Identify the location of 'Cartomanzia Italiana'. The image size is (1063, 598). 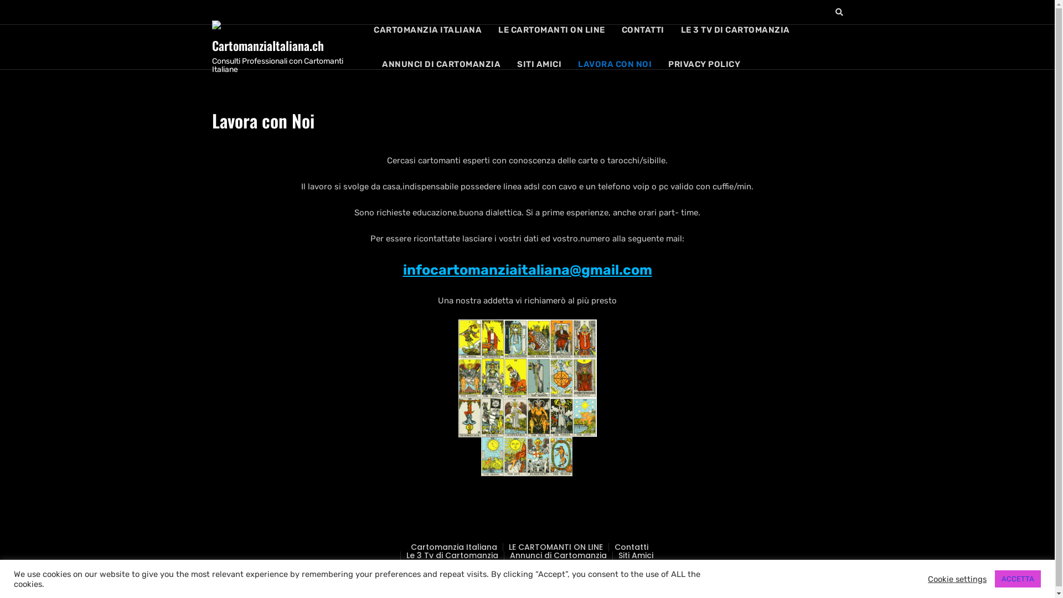
(454, 546).